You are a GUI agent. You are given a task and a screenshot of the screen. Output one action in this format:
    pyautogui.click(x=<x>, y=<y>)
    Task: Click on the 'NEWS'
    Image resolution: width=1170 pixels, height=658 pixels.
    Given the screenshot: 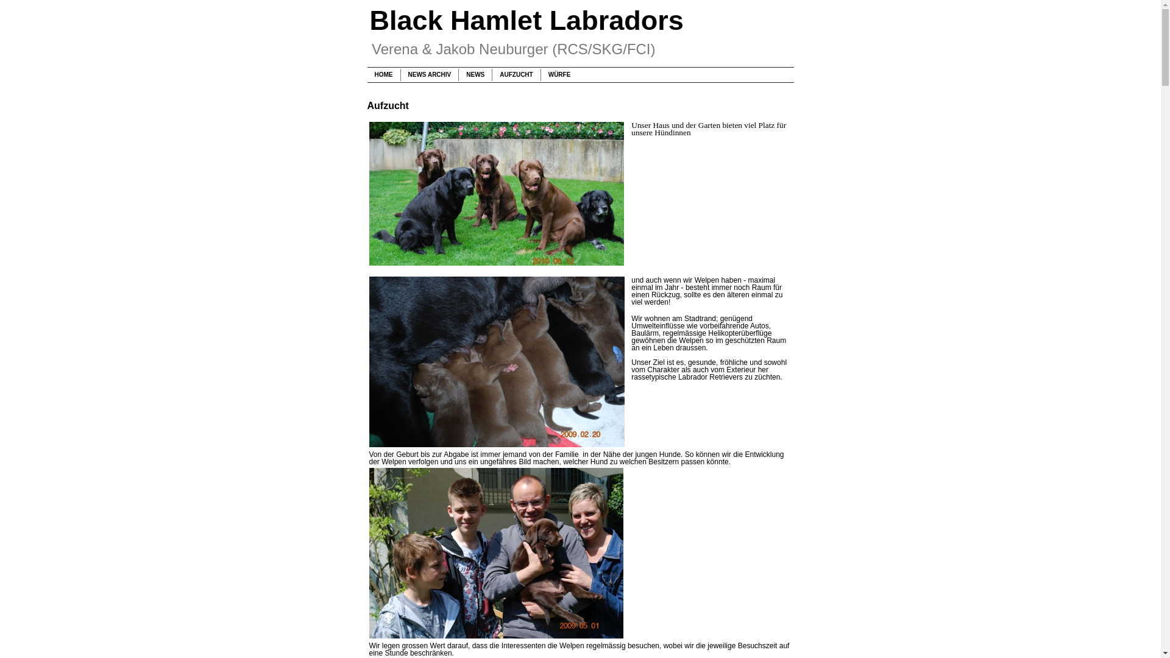 What is the action you would take?
    pyautogui.click(x=474, y=75)
    